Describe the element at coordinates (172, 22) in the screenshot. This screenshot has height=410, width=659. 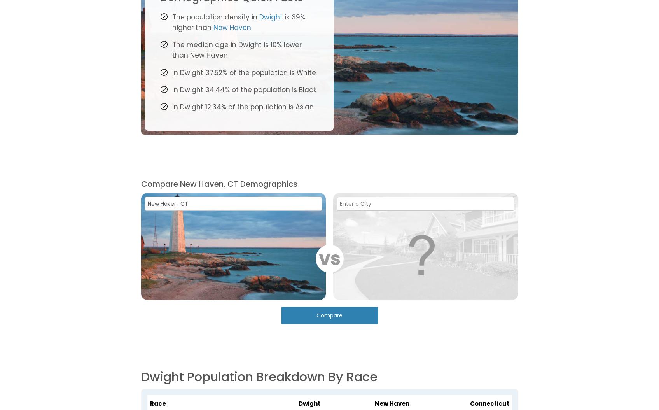
I see `'is 39% higher than'` at that location.